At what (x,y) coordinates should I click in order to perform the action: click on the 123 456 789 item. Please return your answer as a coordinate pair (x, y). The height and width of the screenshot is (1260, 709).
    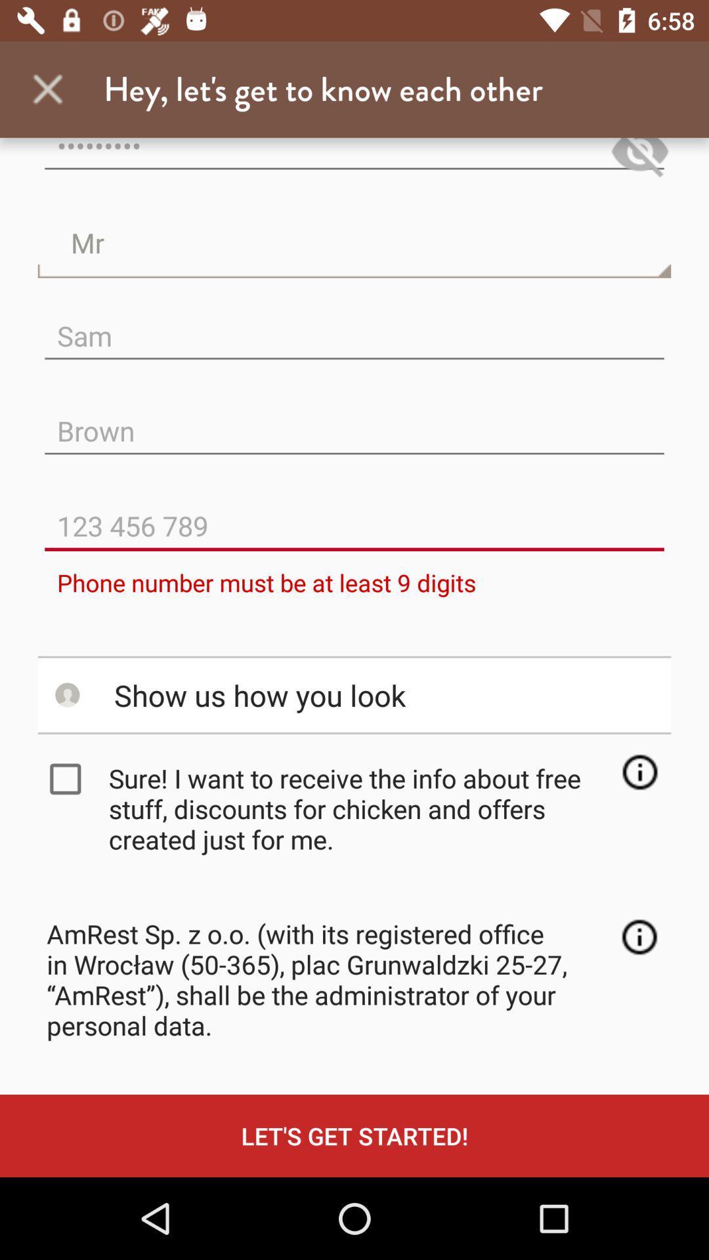
    Looking at the image, I should click on (354, 514).